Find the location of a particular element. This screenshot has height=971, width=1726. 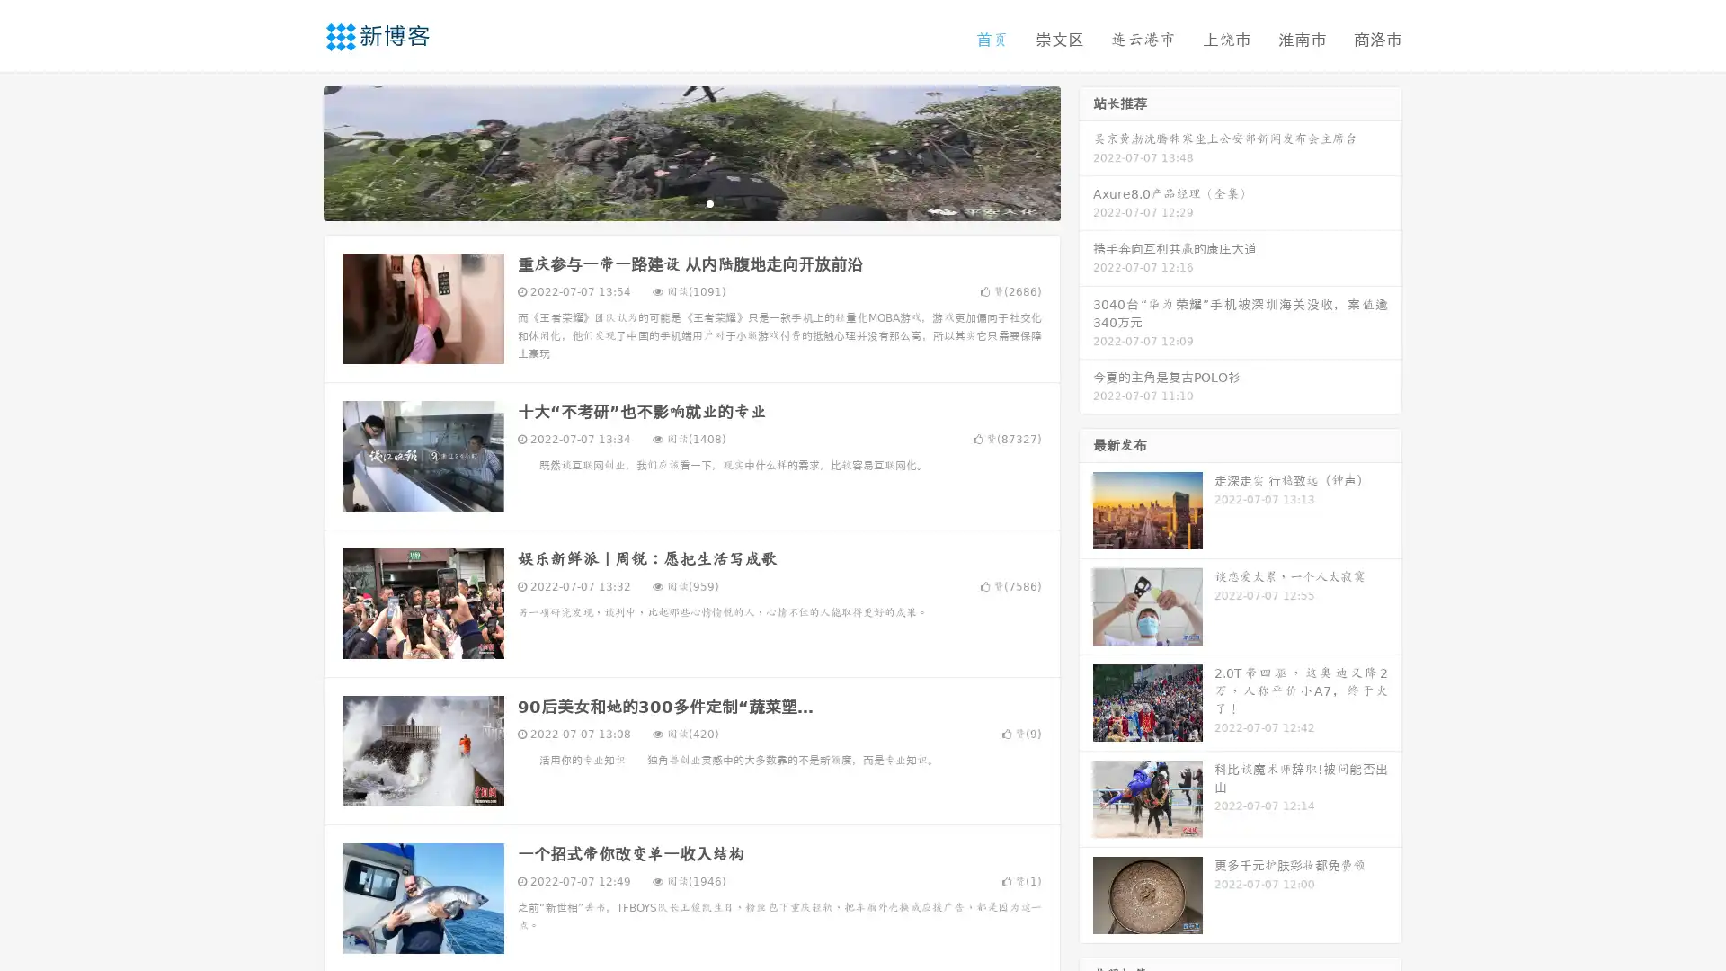

Go to slide 2 is located at coordinates (690, 202).